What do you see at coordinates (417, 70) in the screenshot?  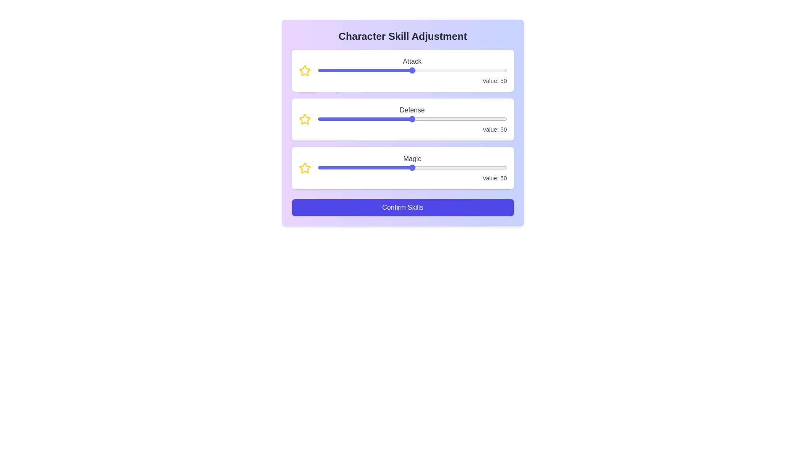 I see `the 0 slider to 5` at bounding box center [417, 70].